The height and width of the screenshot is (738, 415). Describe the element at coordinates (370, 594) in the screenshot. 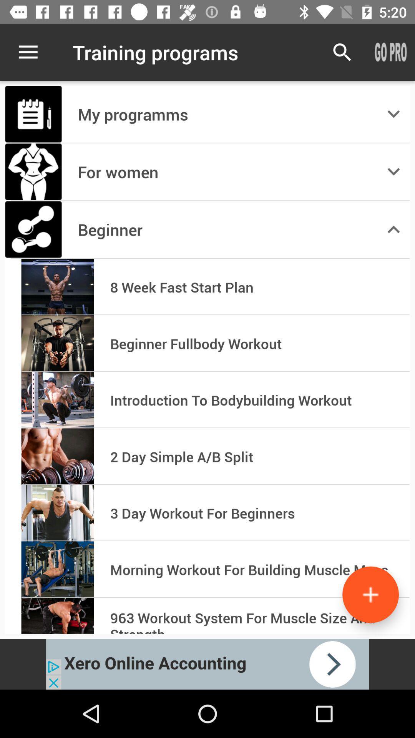

I see `addition the option` at that location.